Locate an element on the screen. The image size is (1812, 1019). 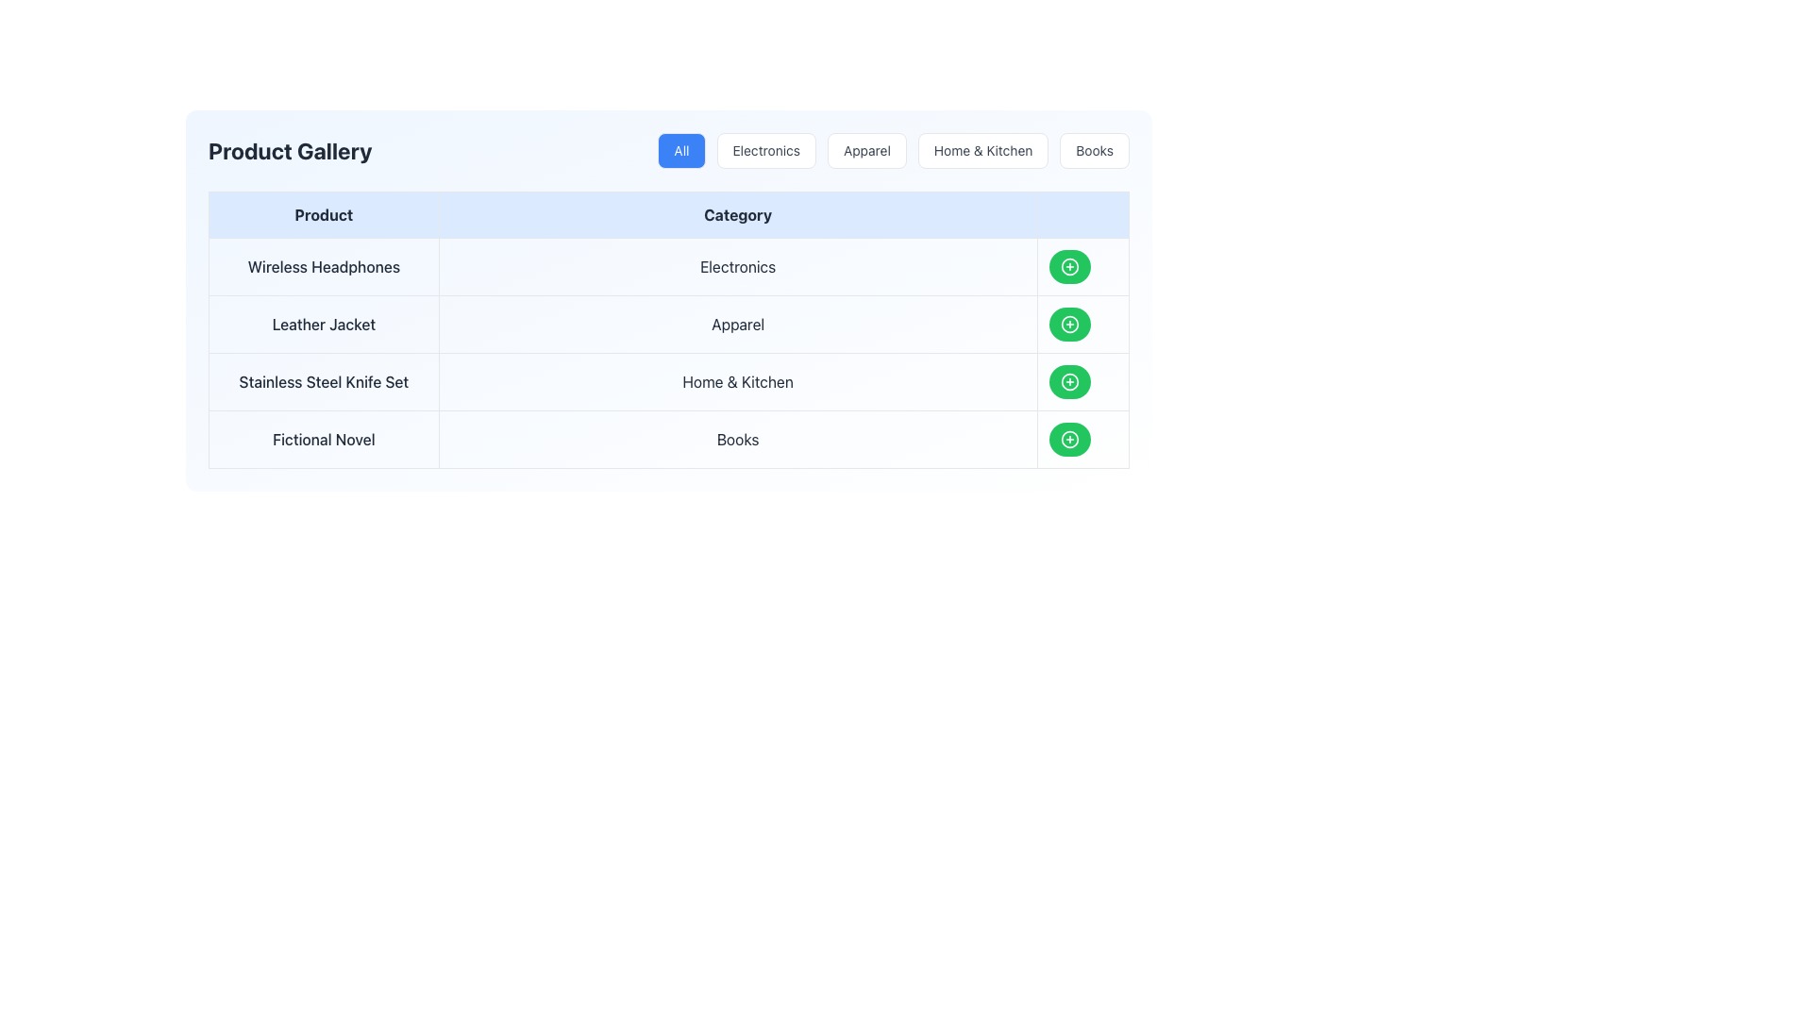
the button located in the second row under the 'Category' column, adjacent to 'Apparel' is located at coordinates (1069, 323).